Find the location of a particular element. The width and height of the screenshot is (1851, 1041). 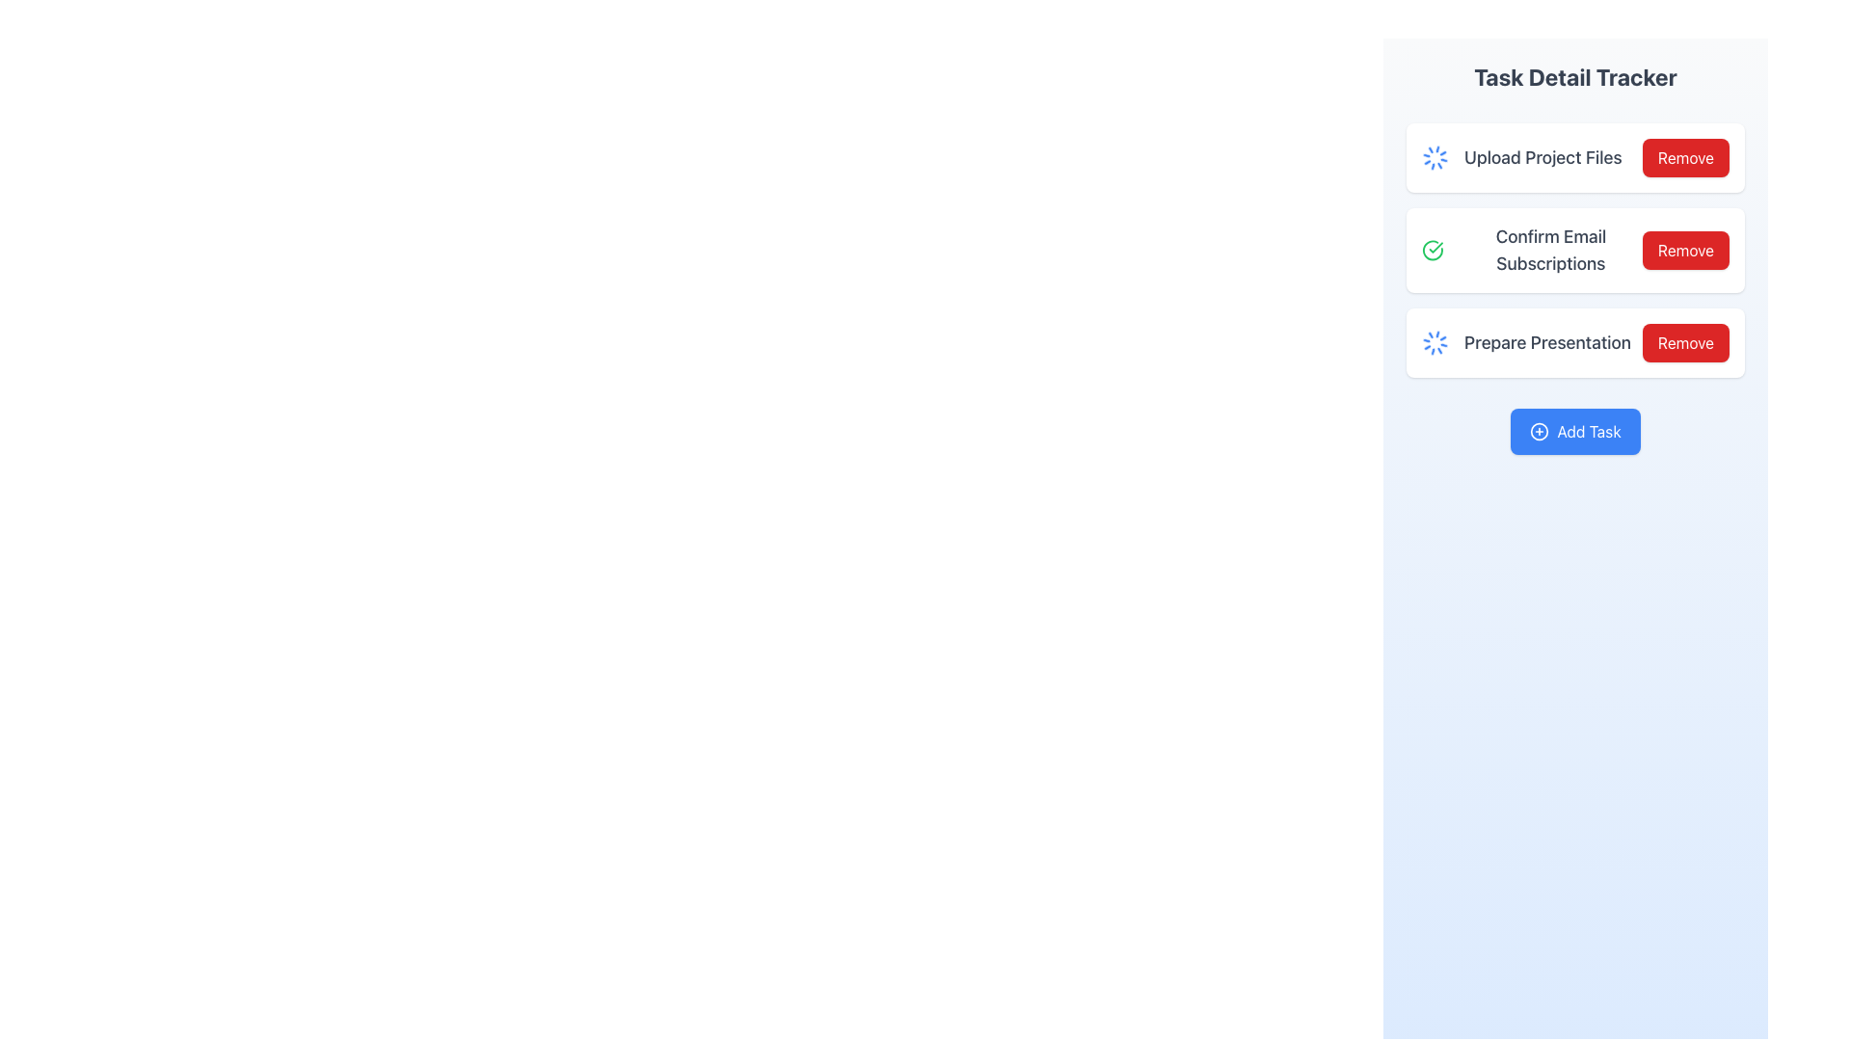

the circular green checkmark icon indicating a successful action within the 'Confirm Email Subscriptions' row under the 'Task Detail Tracker' section is located at coordinates (1433, 249).